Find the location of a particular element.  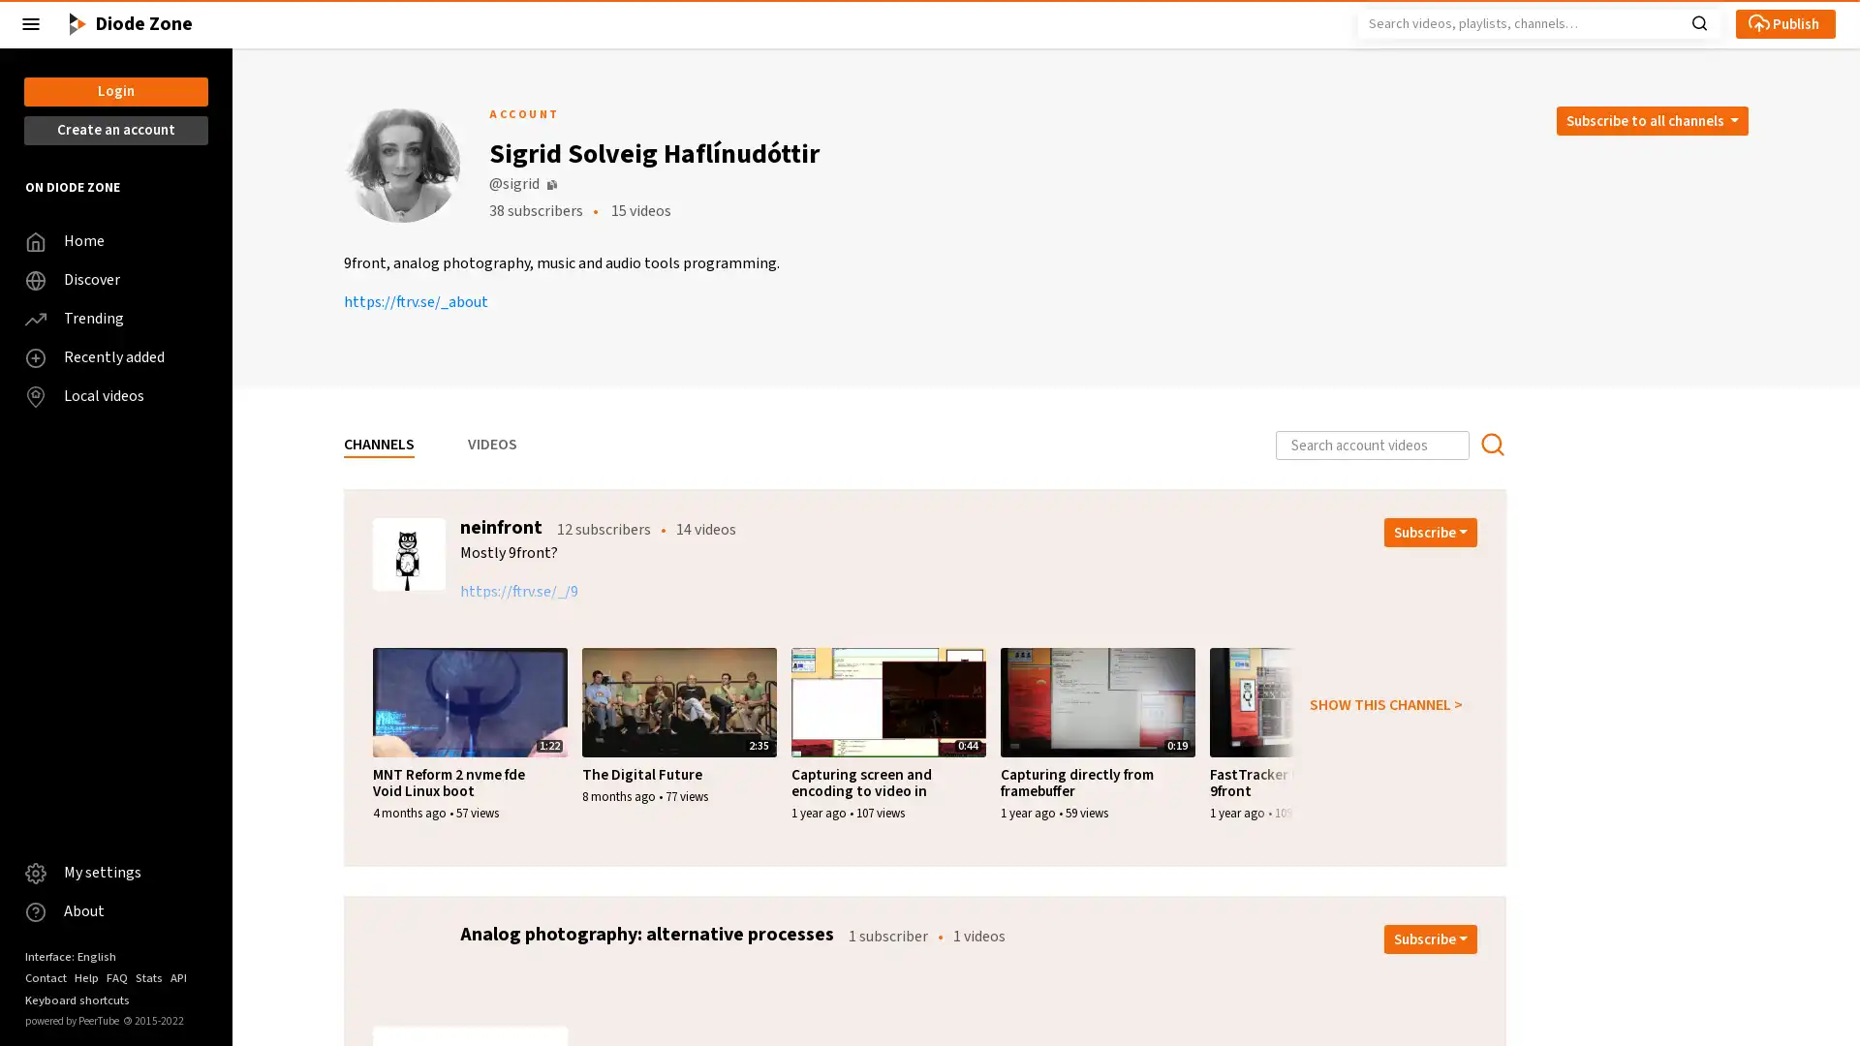

Interface: English is located at coordinates (70, 955).